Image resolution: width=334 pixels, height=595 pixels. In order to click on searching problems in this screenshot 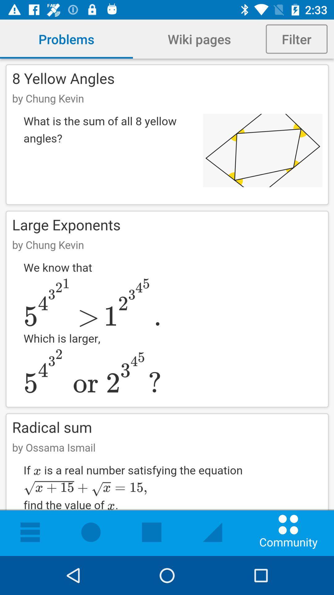, I will do `click(167, 307)`.